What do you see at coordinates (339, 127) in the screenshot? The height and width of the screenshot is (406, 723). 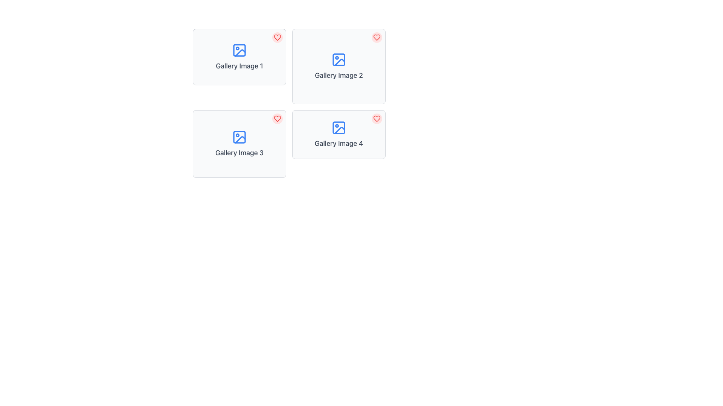 I see `the rectangular shape within the icon of 'Gallery Image 4', located in the bottom-right cell of the 2x2 grid of gallery images` at bounding box center [339, 127].